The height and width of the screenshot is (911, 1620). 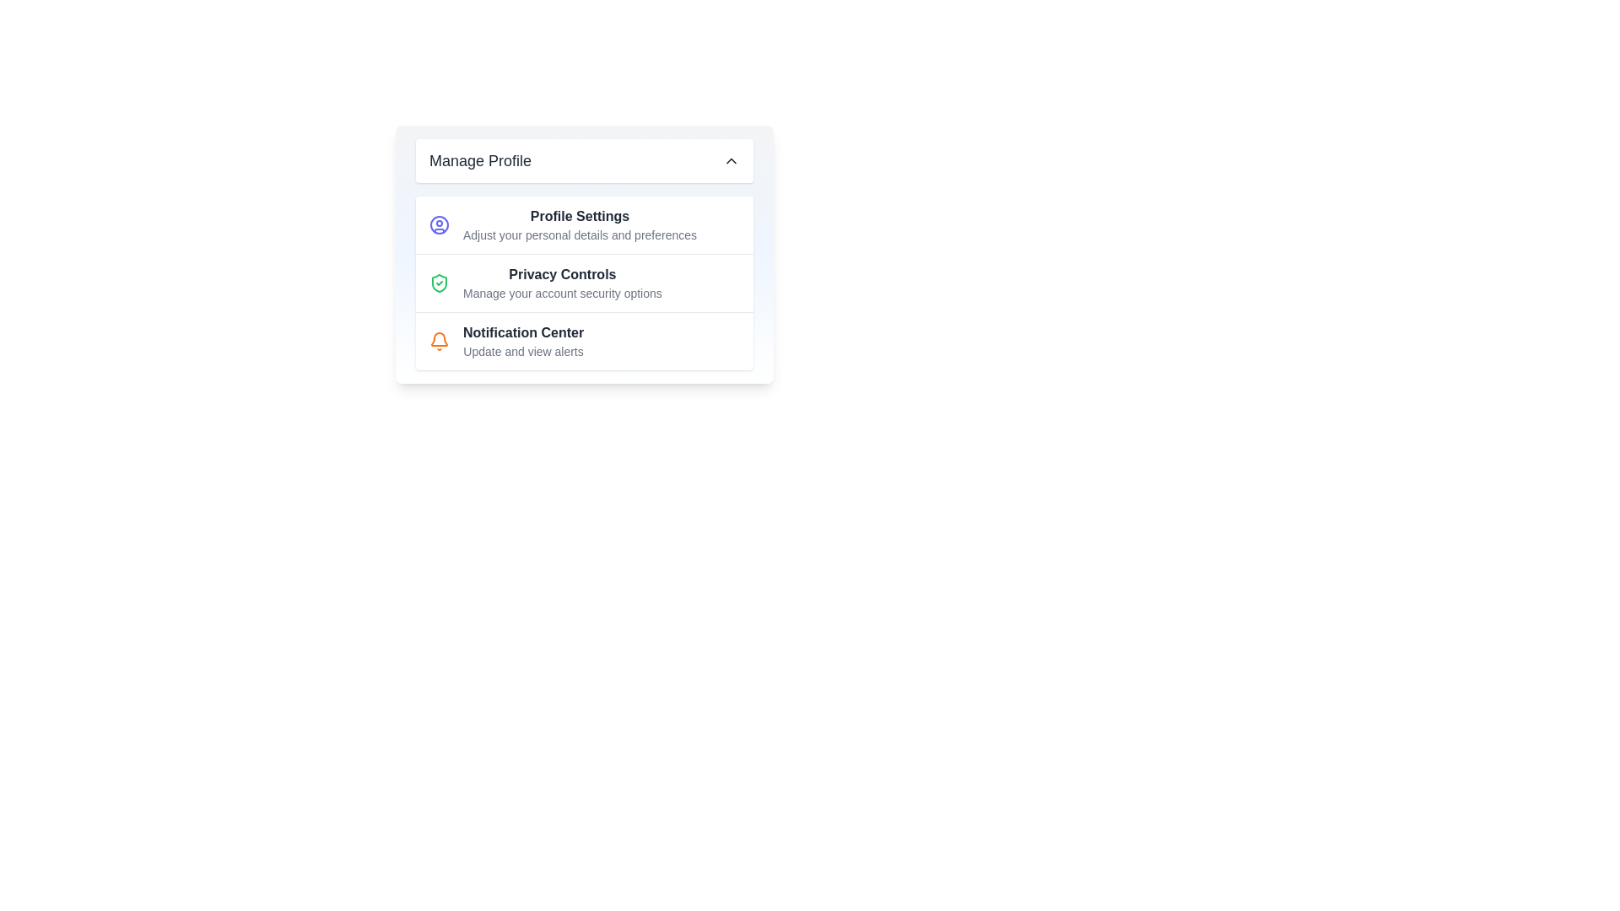 What do you see at coordinates (584, 224) in the screenshot?
I see `the first item in the navigation menu titled 'Manage Profile'` at bounding box center [584, 224].